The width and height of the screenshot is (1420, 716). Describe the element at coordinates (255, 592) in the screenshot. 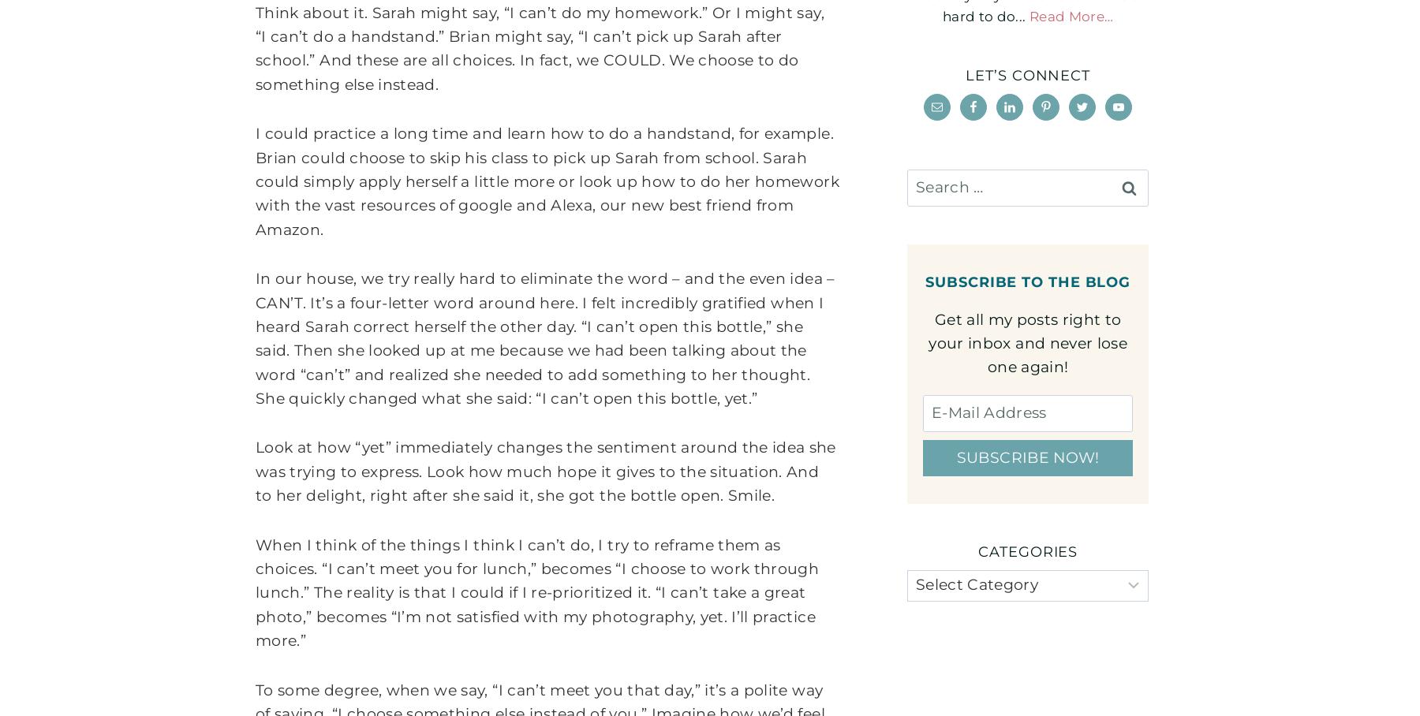

I see `'When I think of the things I think I can’t do, I try to reframe them as choices. “I can’t meet you for lunch,” becomes “I choose to work through lunch.” The reality is that I could if I re-prioritized it. “I can’t take a great photo,” becomes “I’m not satisfied with my photography, yet. I’ll practice more.”'` at that location.